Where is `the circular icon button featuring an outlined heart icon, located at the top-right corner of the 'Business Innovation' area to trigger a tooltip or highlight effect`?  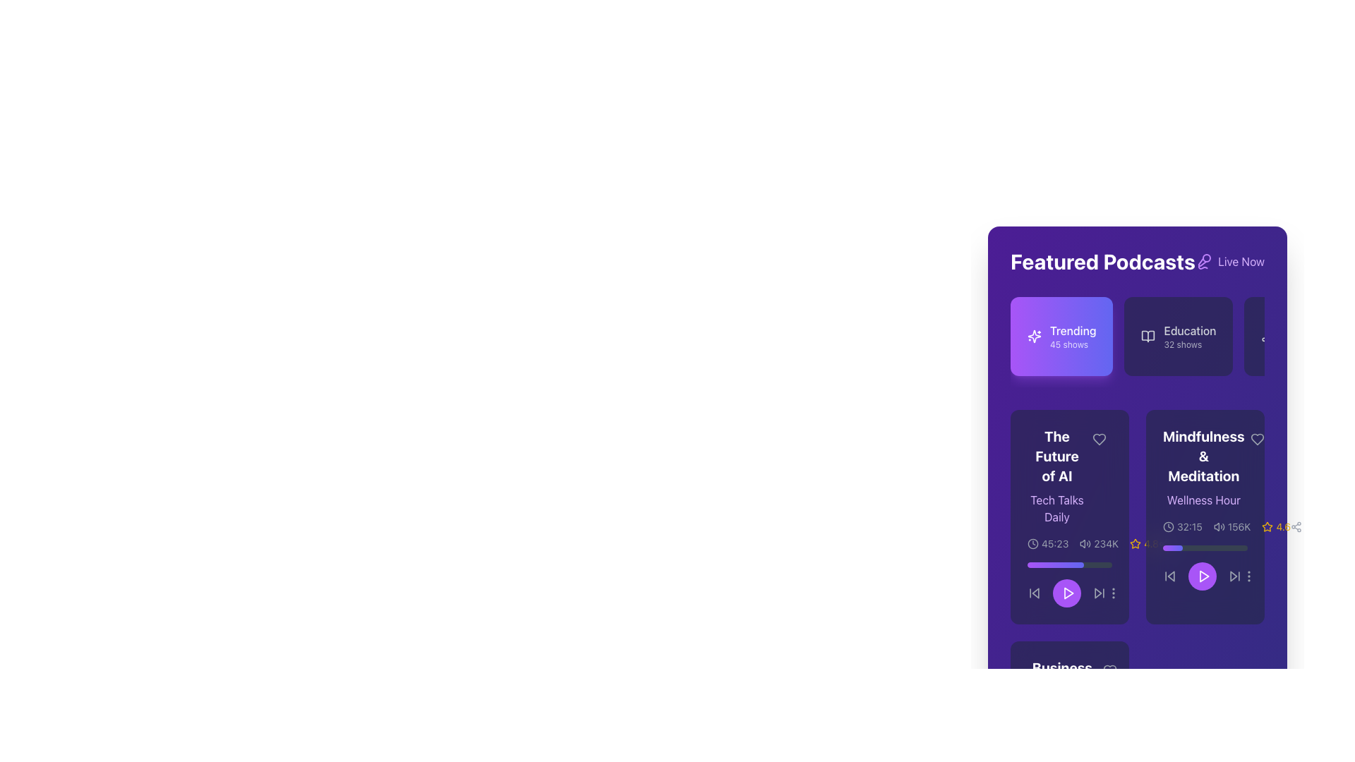 the circular icon button featuring an outlined heart icon, located at the top-right corner of the 'Business Innovation' area to trigger a tooltip or highlight effect is located at coordinates (1109, 670).